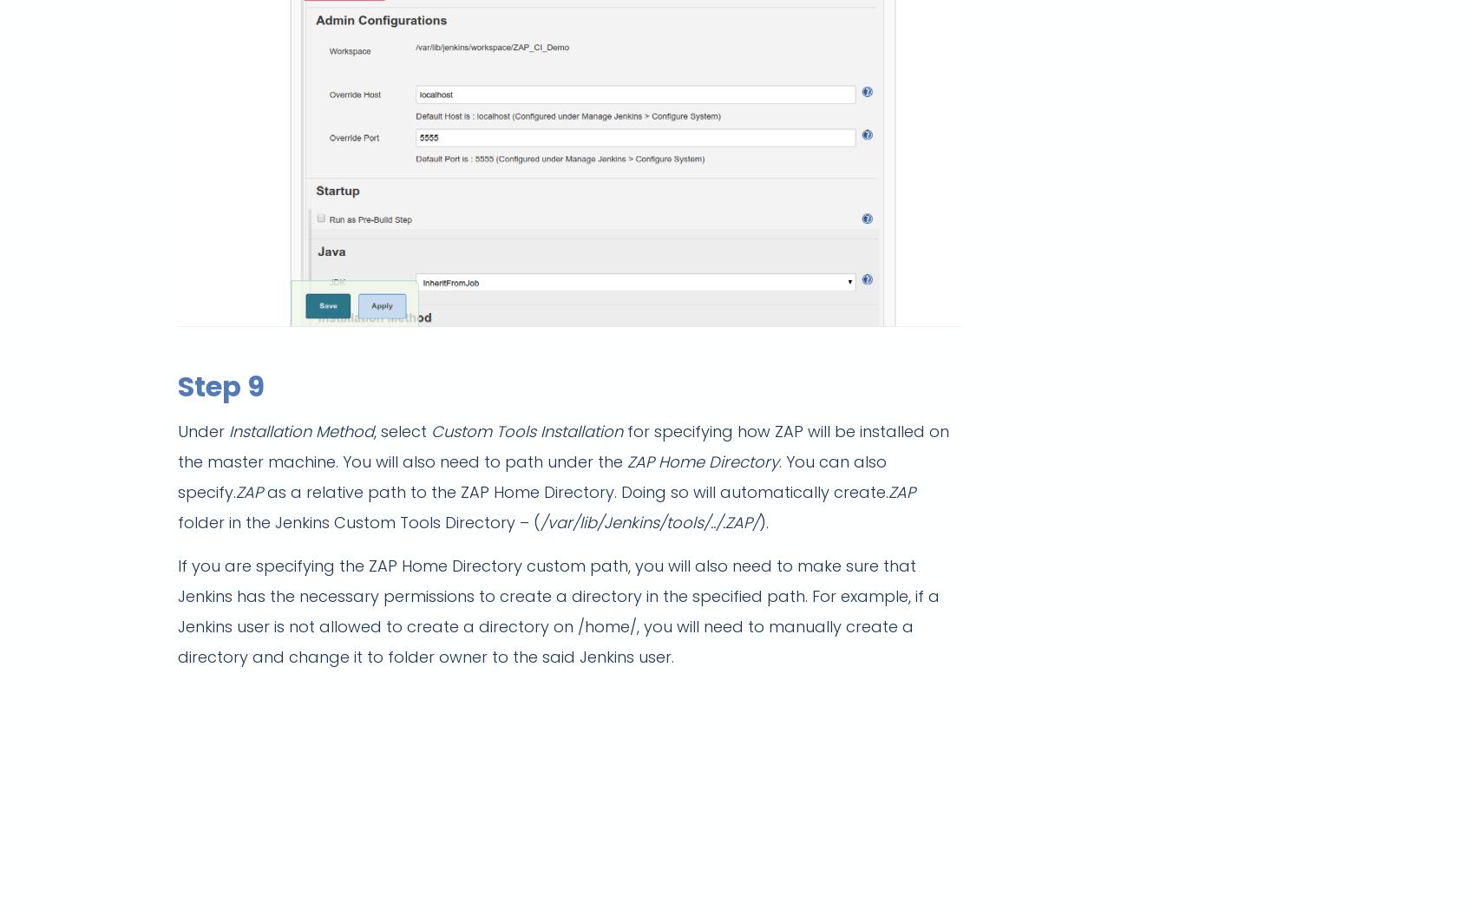 The width and height of the screenshot is (1475, 909). What do you see at coordinates (531, 475) in the screenshot?
I see `'. You can also specify.'` at bounding box center [531, 475].